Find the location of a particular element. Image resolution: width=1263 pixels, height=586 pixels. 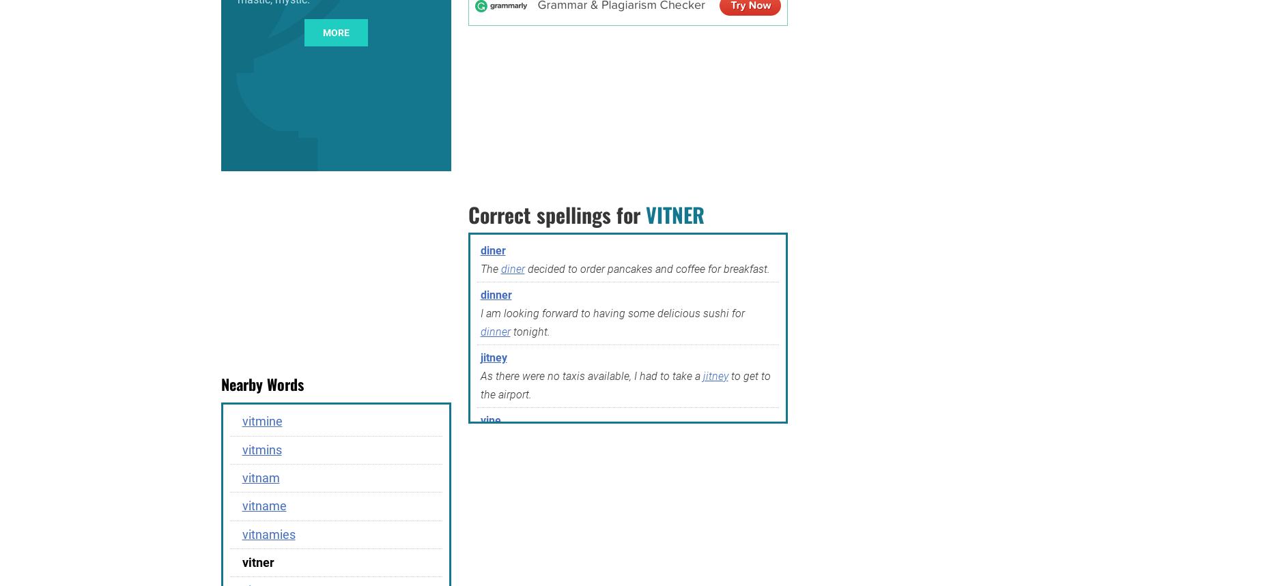

'to get to the airport.' is located at coordinates (625, 384).